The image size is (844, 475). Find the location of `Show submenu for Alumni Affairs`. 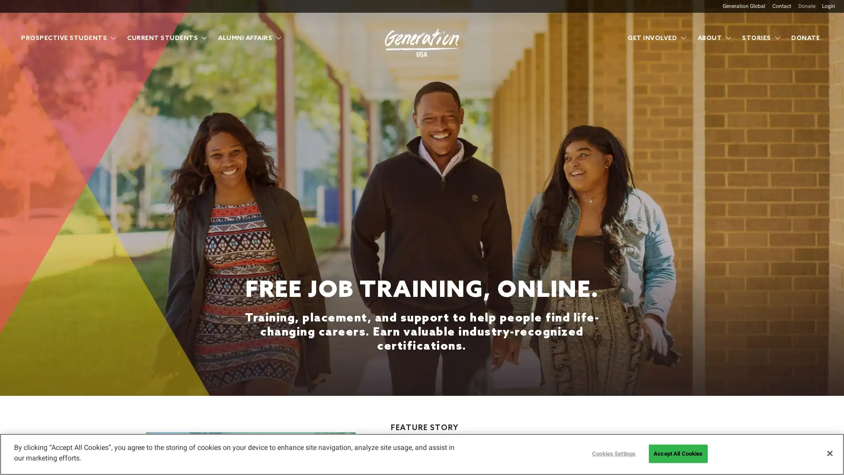

Show submenu for Alumni Affairs is located at coordinates (278, 37).